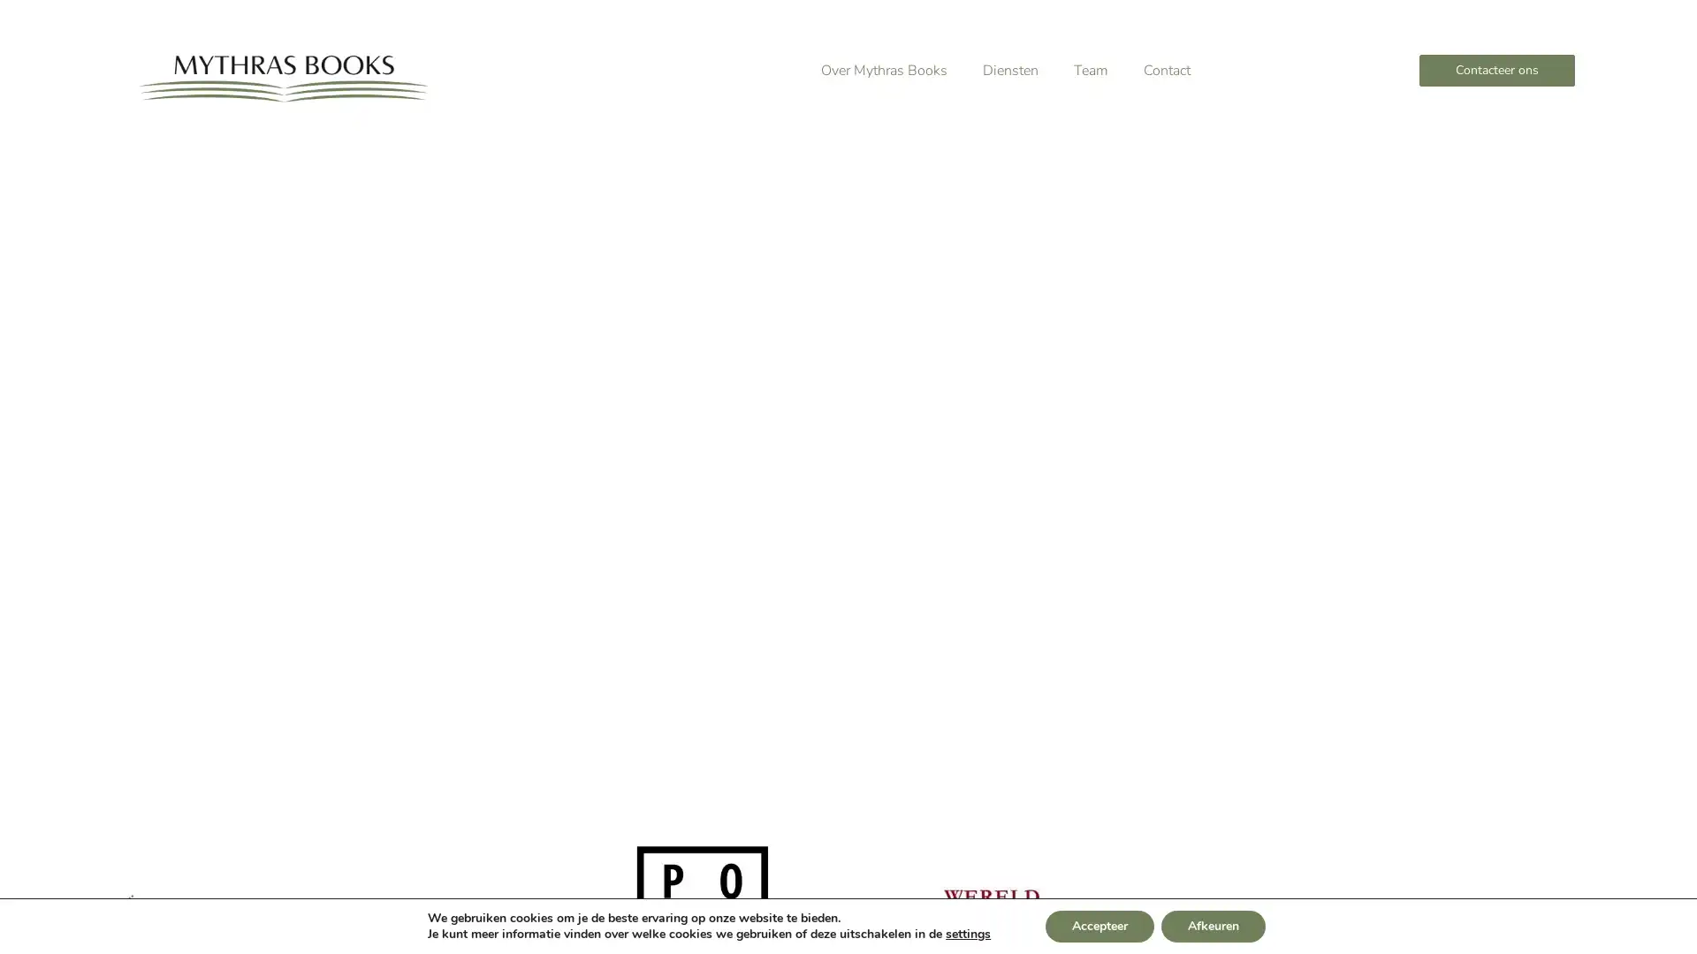 The height and width of the screenshot is (954, 1697). What do you see at coordinates (409, 490) in the screenshot?
I see `Neem contact op` at bounding box center [409, 490].